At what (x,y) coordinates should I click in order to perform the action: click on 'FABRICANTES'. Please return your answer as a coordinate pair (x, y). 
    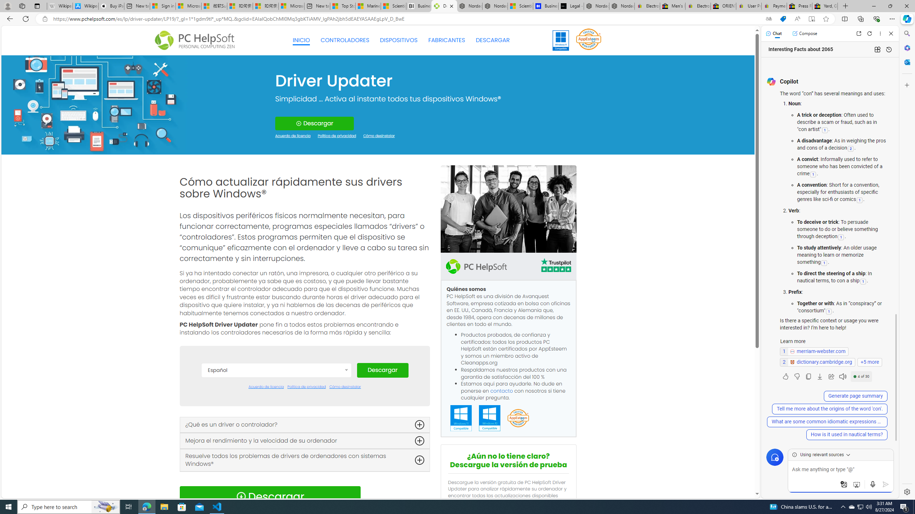
    Looking at the image, I should click on (447, 40).